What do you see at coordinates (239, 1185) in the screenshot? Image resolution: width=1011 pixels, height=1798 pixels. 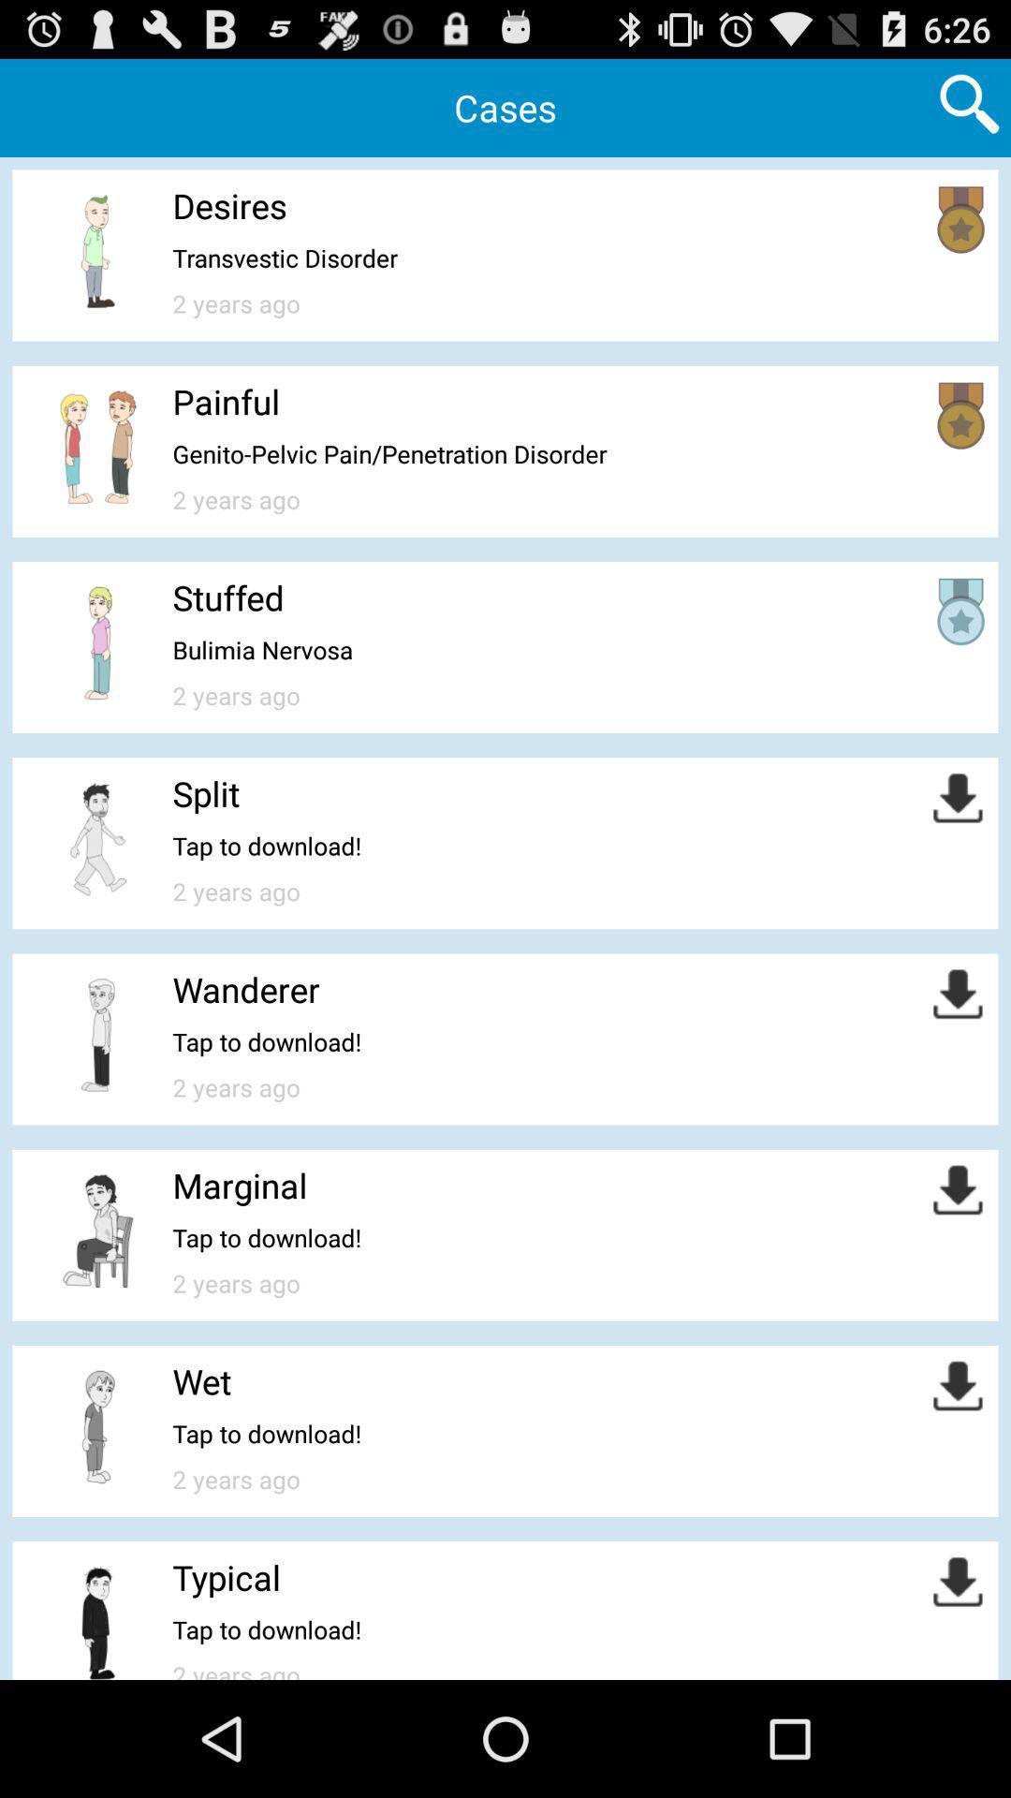 I see `marginal` at bounding box center [239, 1185].